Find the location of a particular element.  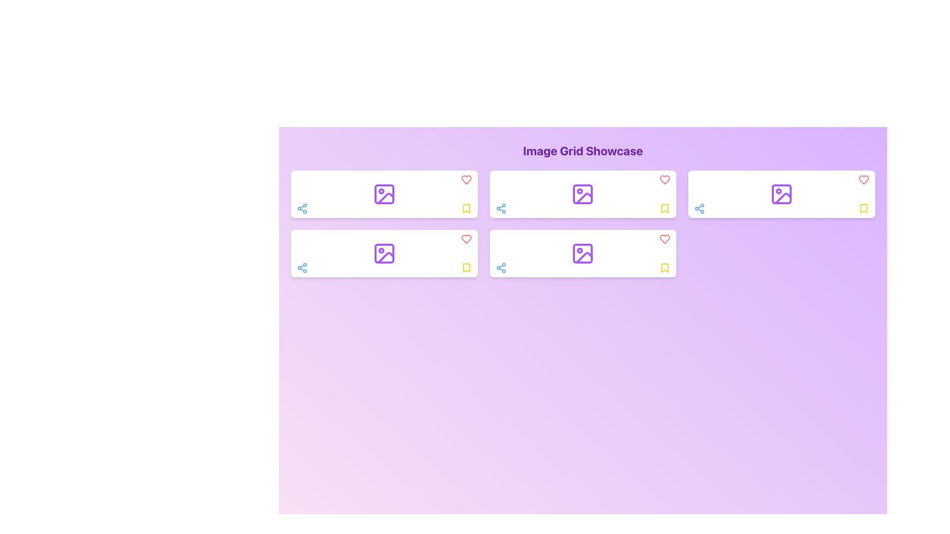

the 'like' or 'favorite' button located at the top-right corner of the second card in the 2x3 grid layout is located at coordinates (665, 239).